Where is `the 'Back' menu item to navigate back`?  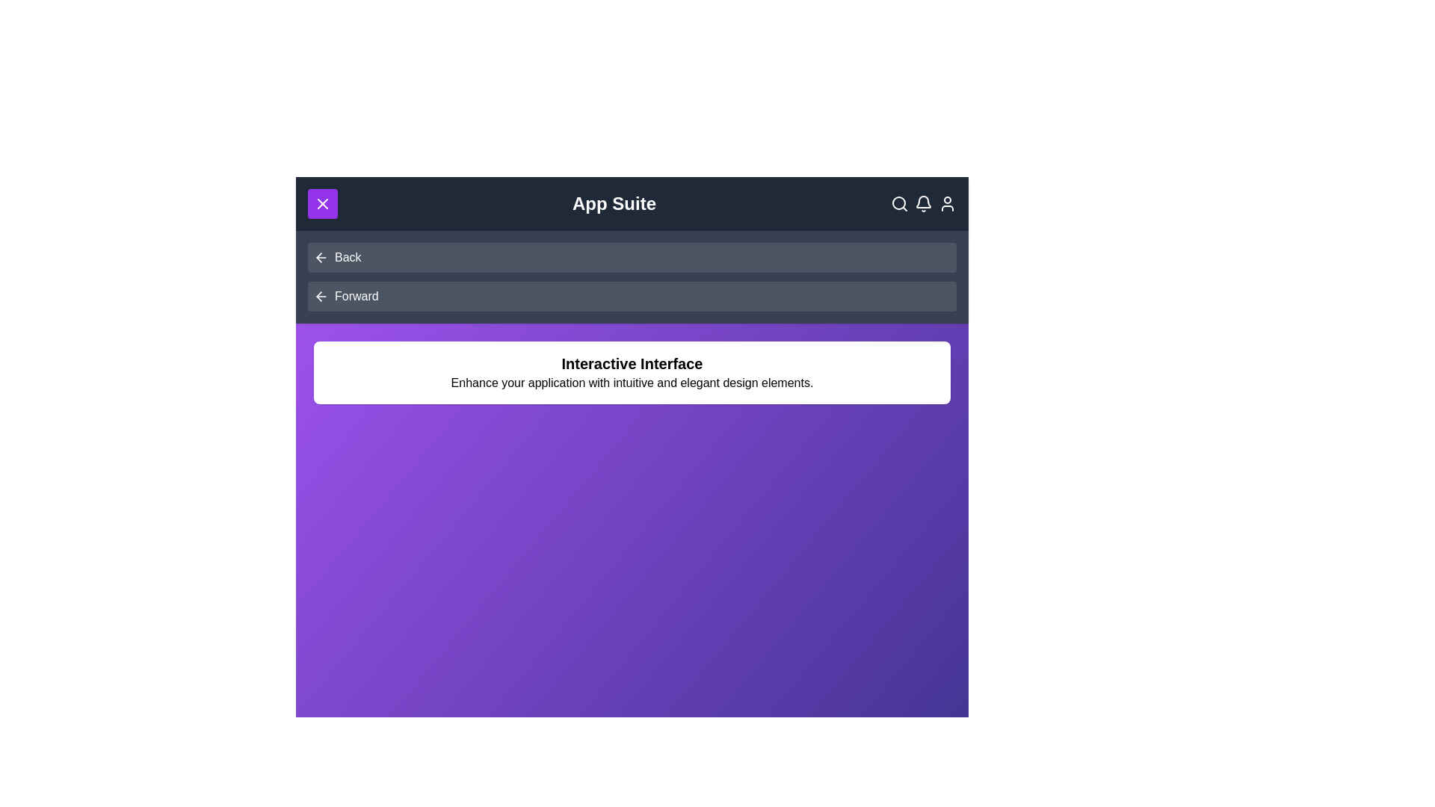 the 'Back' menu item to navigate back is located at coordinates (347, 256).